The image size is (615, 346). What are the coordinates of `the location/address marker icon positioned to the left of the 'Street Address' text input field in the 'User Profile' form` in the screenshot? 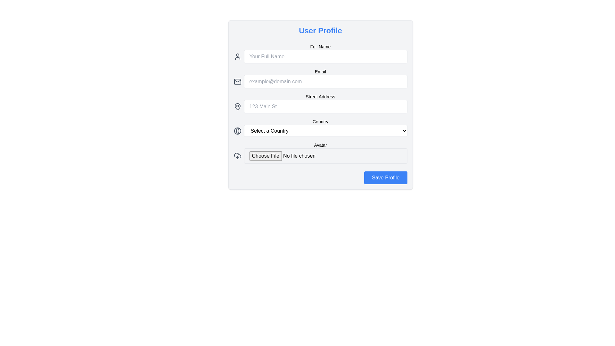 It's located at (237, 106).